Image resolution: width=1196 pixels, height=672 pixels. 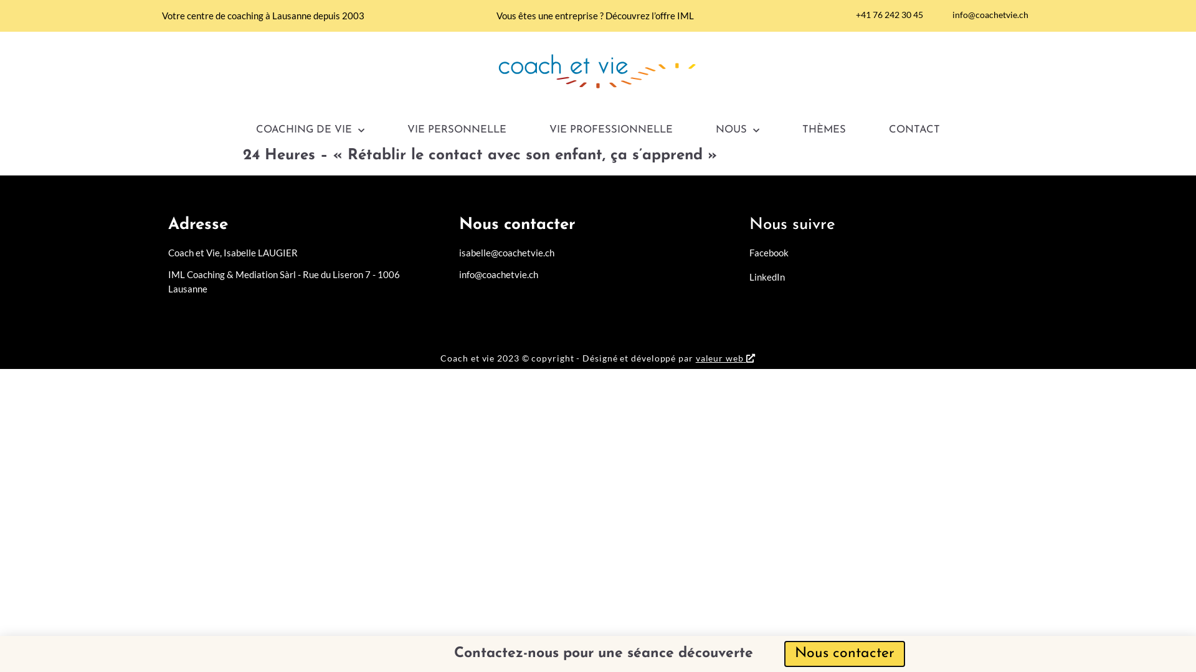 I want to click on 'CONTACT', so click(x=888, y=130).